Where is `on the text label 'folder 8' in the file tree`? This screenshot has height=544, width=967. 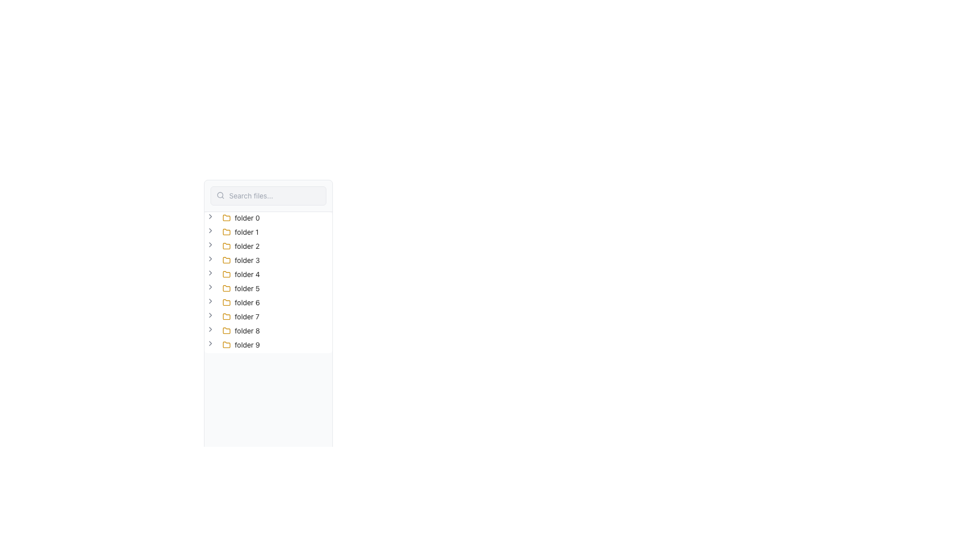 on the text label 'folder 8' in the file tree is located at coordinates (241, 330).